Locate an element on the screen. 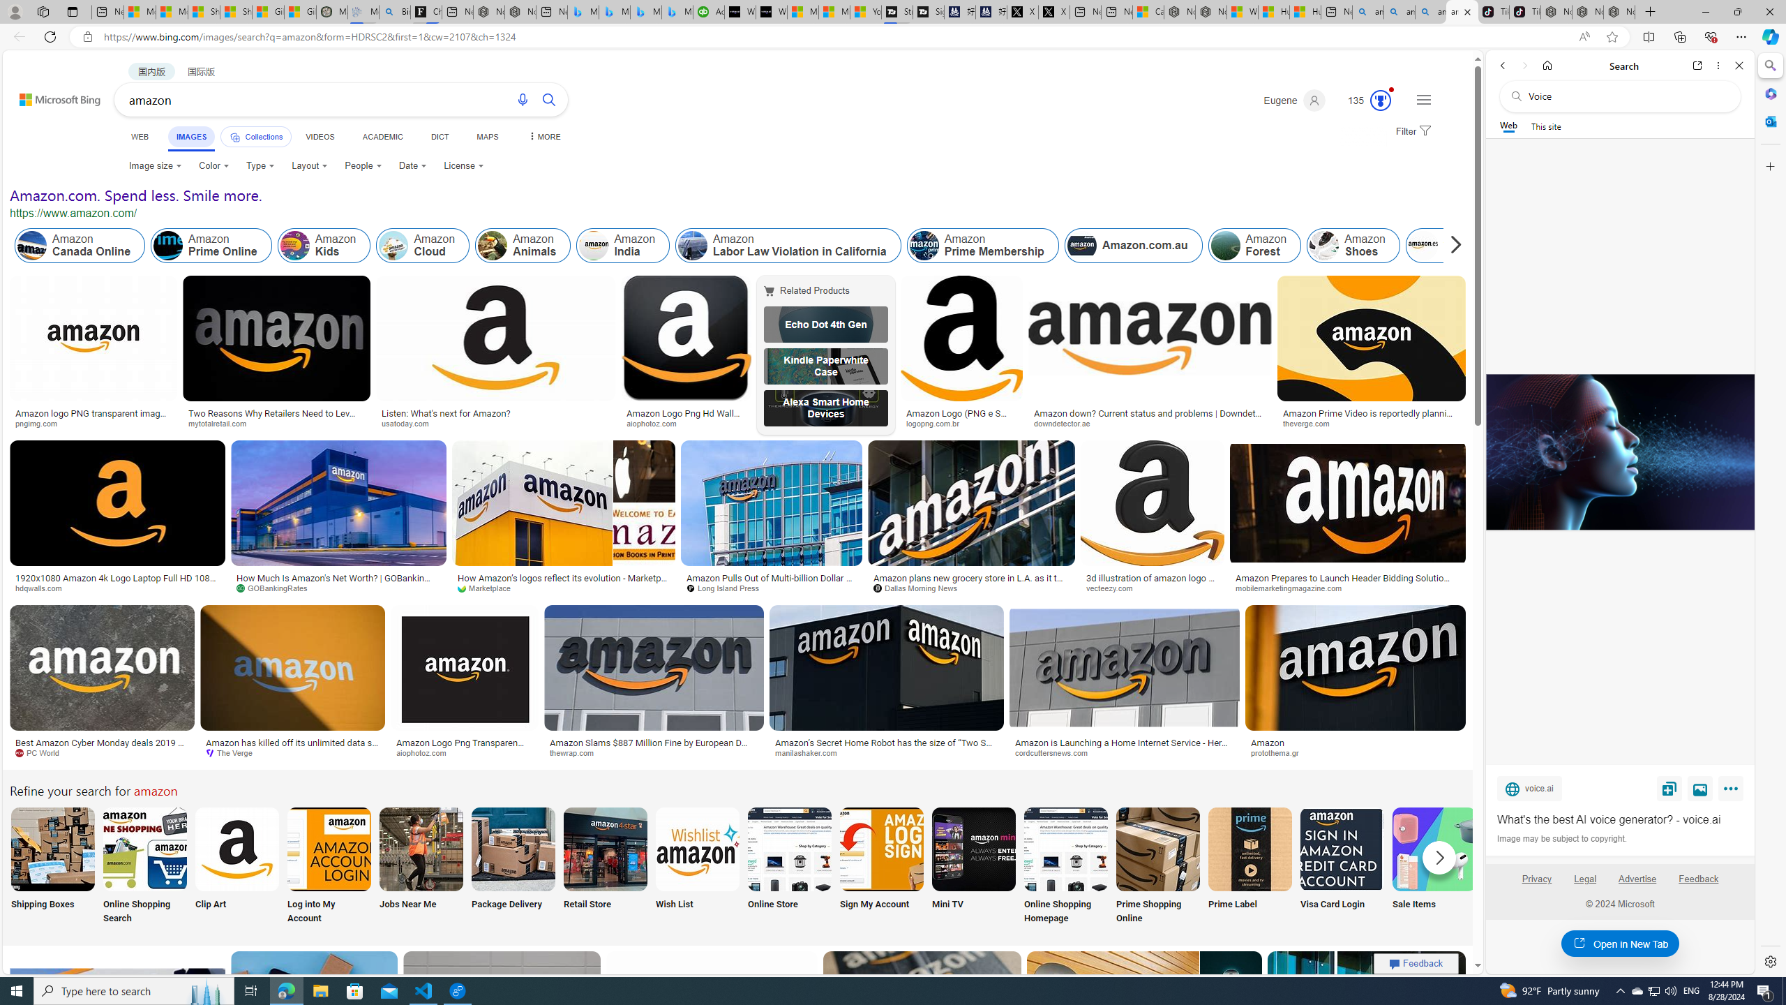 This screenshot has width=1786, height=1005. 'Sale Items' is located at coordinates (1434, 866).